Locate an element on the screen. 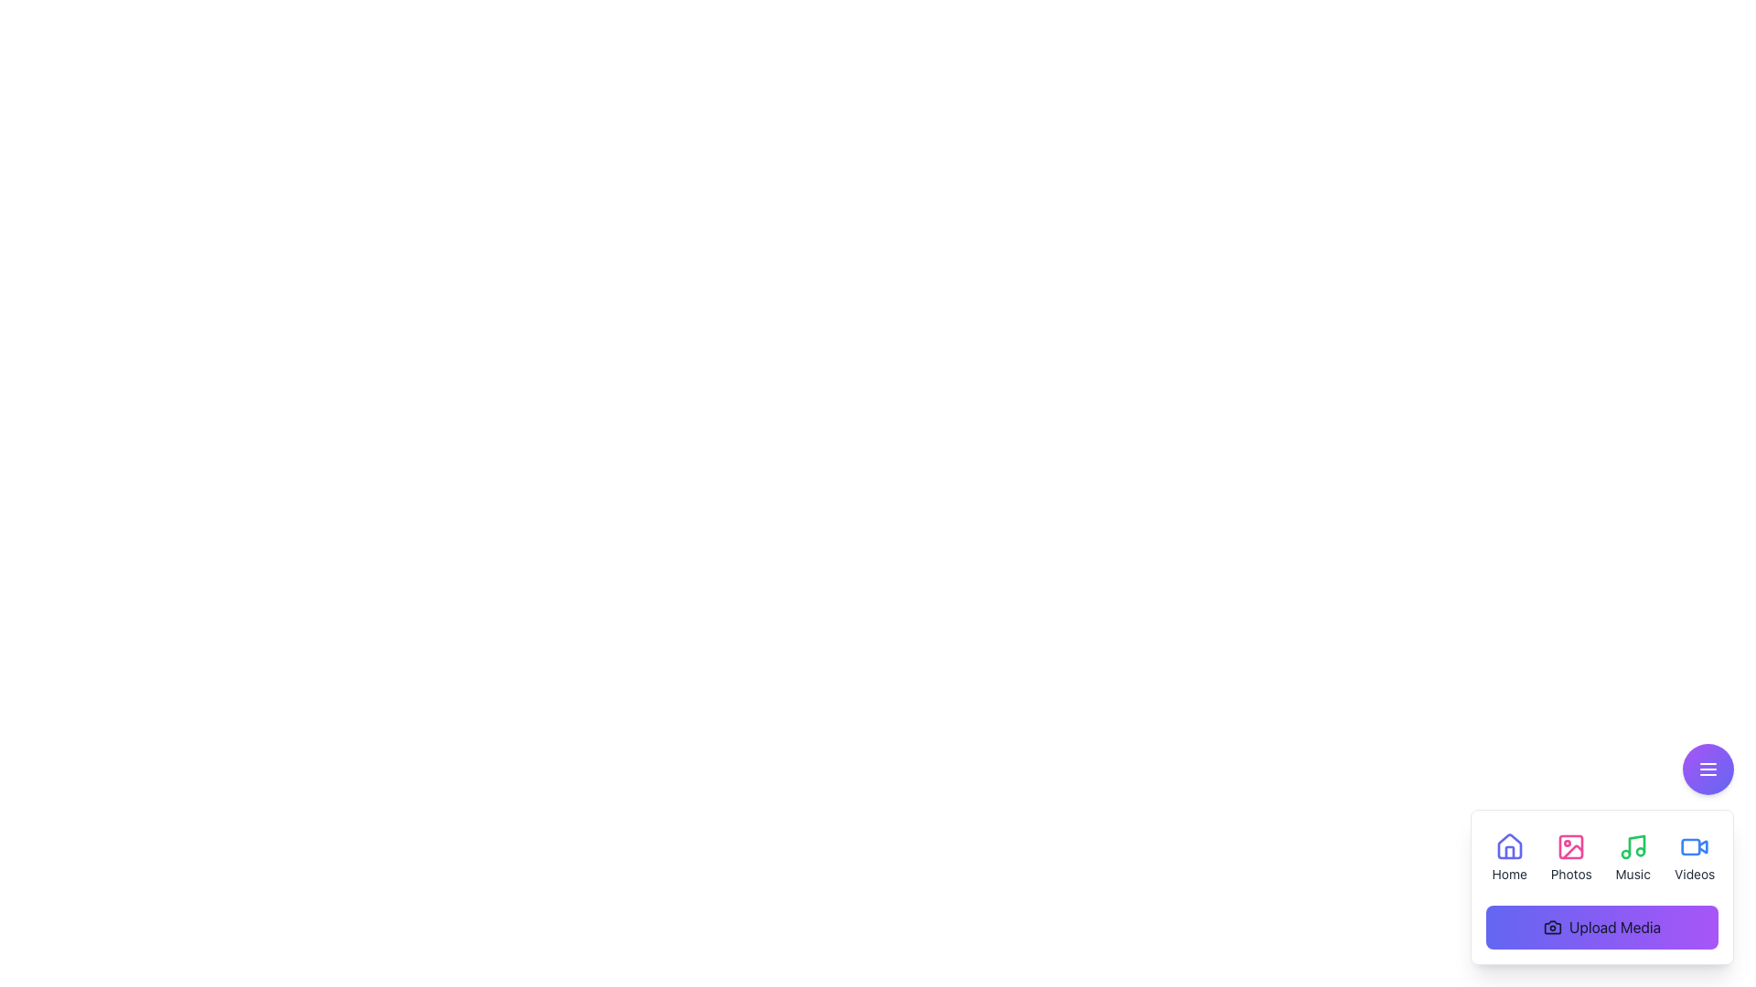 The image size is (1756, 987). the indigo house-shaped icon in the bottom-right navigation menu is located at coordinates (1509, 846).